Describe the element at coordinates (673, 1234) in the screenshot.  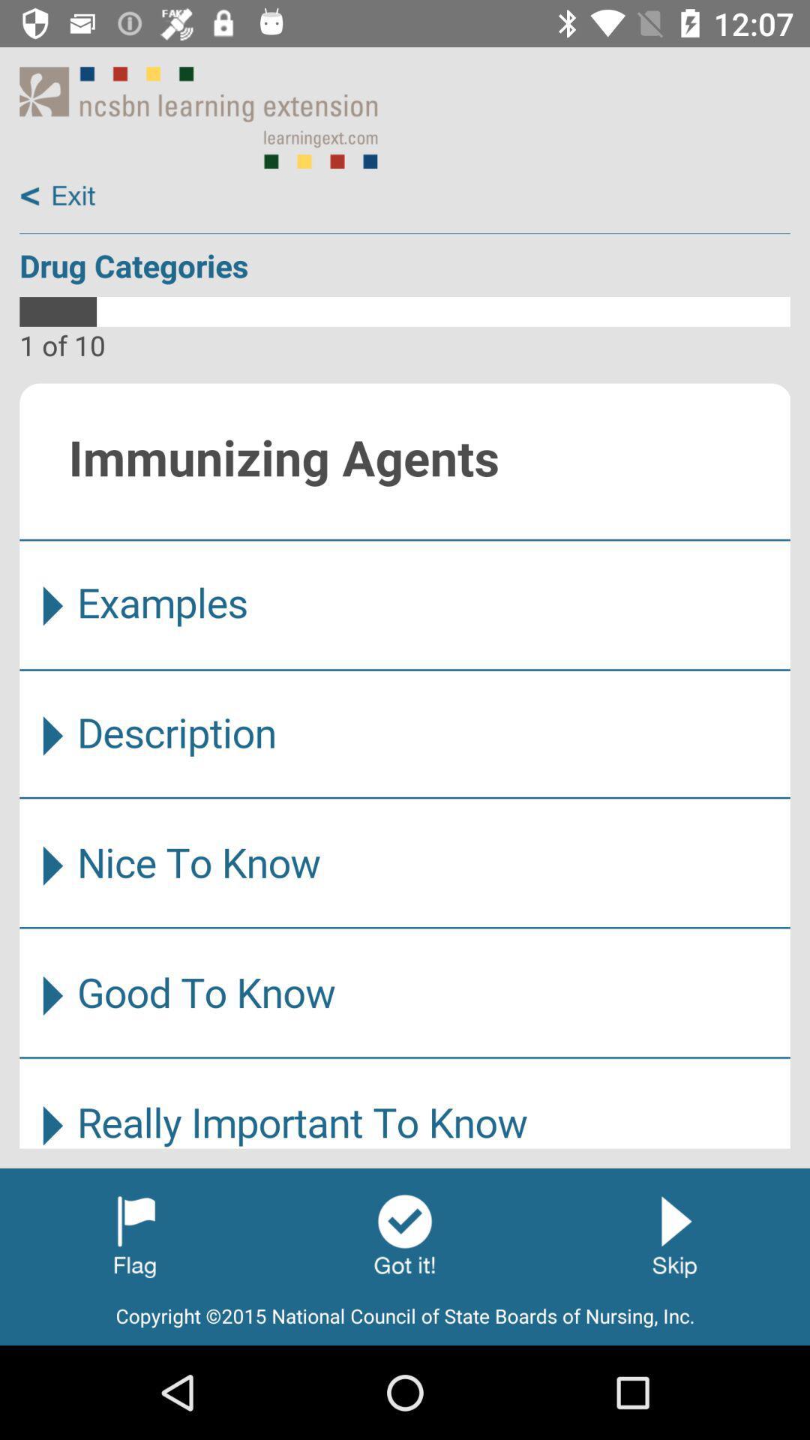
I see `skip page` at that location.